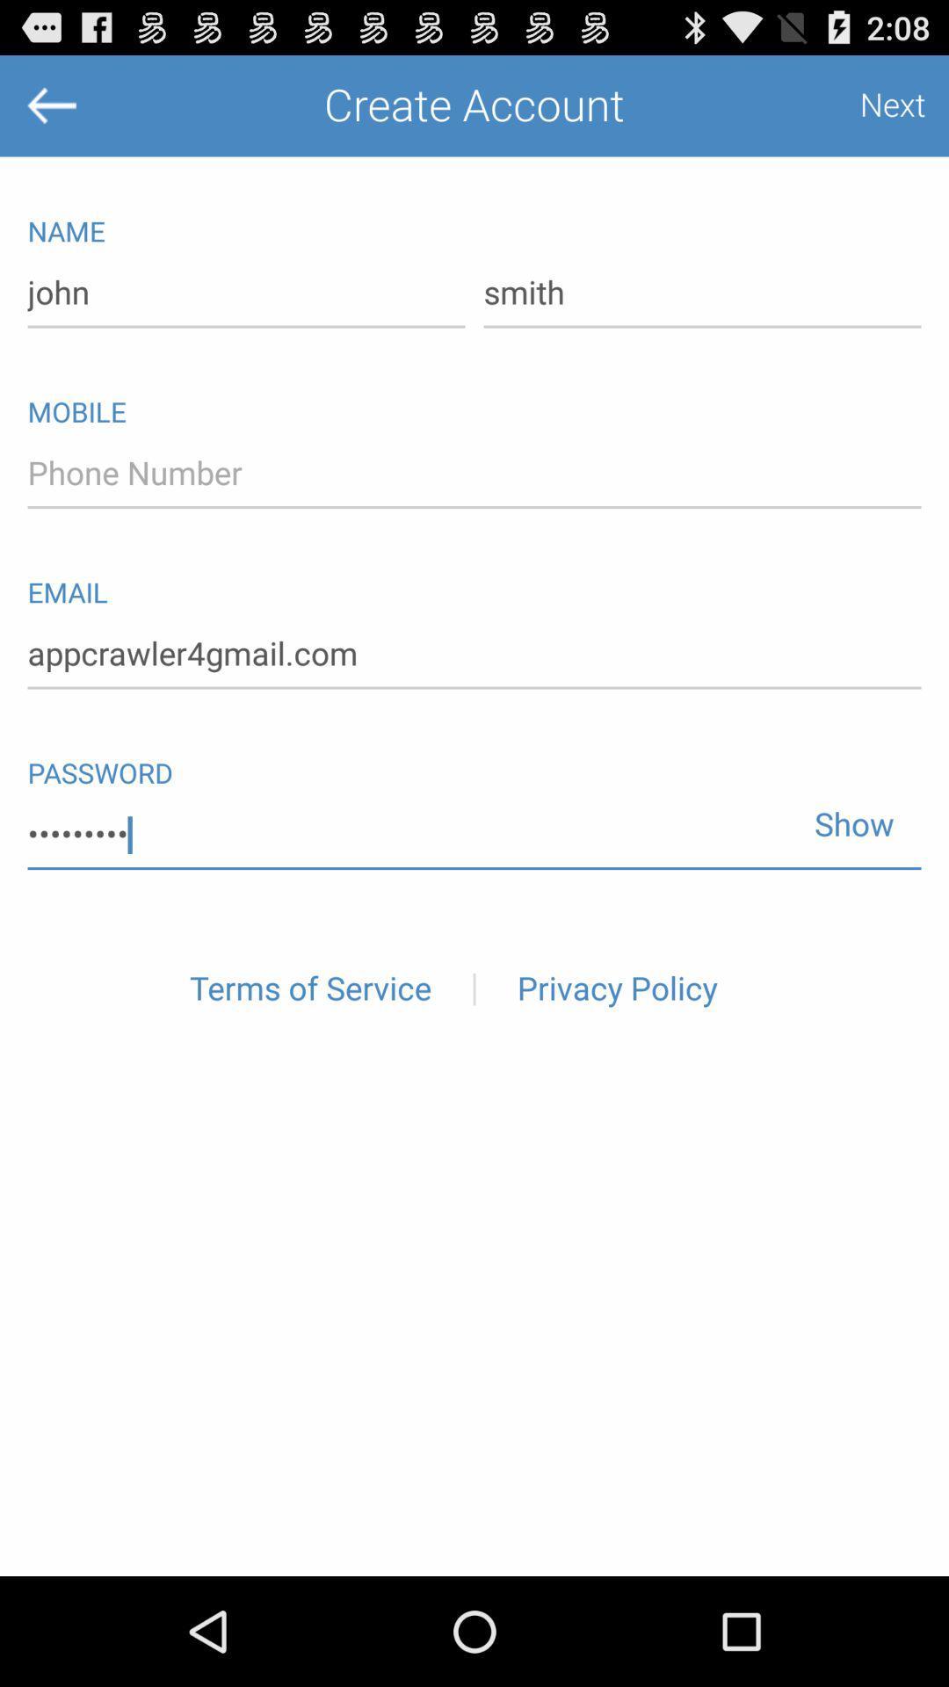 This screenshot has width=949, height=1687. Describe the element at coordinates (309, 989) in the screenshot. I see `the item on the left` at that location.